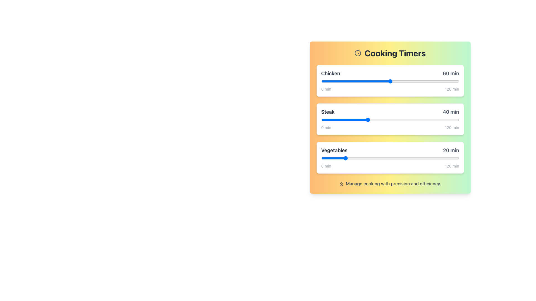 This screenshot has width=536, height=301. What do you see at coordinates (412, 119) in the screenshot?
I see `cooking time for steak` at bounding box center [412, 119].